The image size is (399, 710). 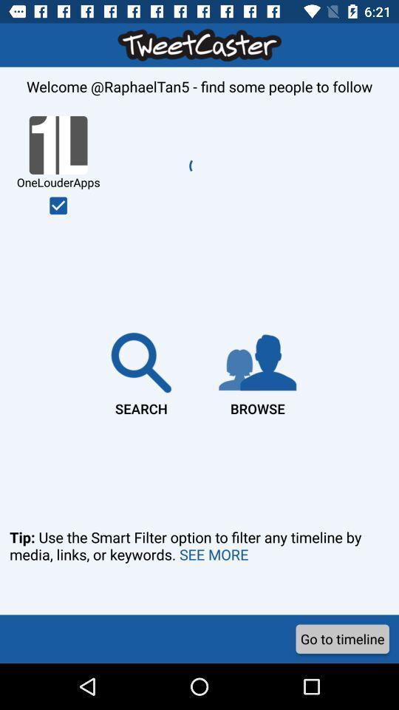 I want to click on this app, so click(x=58, y=205).